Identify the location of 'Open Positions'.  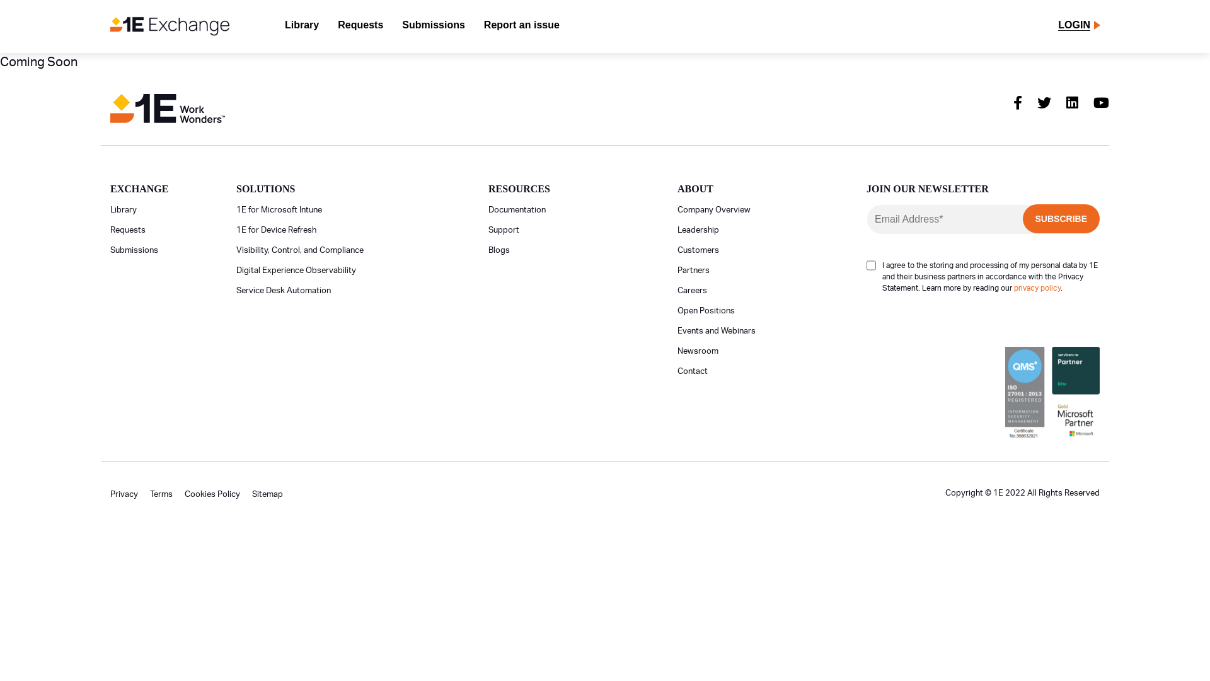
(677, 311).